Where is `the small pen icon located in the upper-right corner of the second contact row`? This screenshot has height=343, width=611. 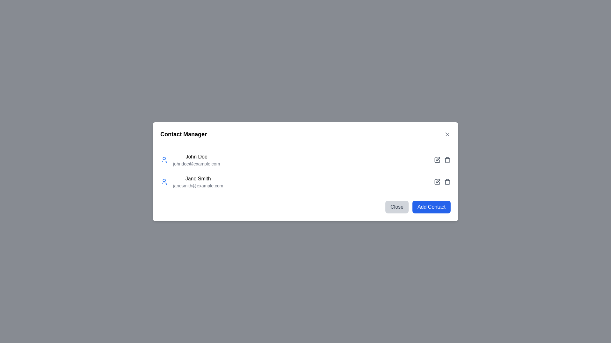 the small pen icon located in the upper-right corner of the second contact row is located at coordinates (437, 159).